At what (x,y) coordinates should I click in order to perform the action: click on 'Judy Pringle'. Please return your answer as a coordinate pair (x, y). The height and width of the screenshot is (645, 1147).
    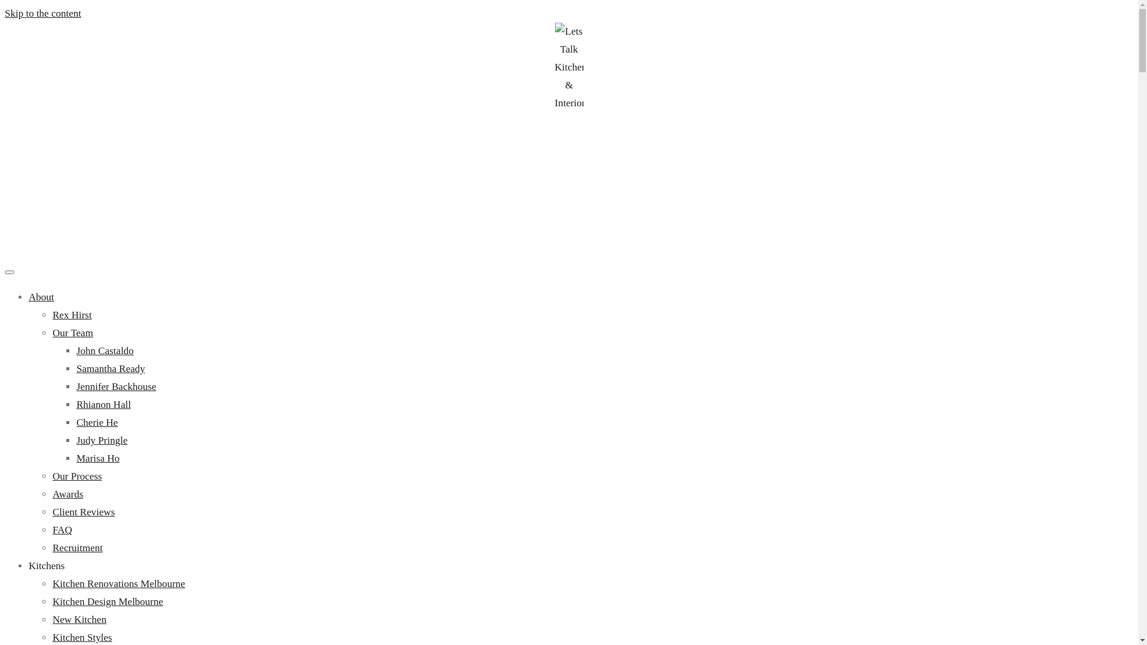
    Looking at the image, I should click on (102, 440).